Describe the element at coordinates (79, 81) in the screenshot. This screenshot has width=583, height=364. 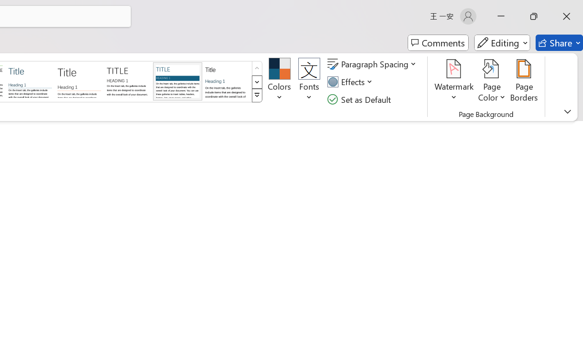
I see `'Lines (Stylish)'` at that location.